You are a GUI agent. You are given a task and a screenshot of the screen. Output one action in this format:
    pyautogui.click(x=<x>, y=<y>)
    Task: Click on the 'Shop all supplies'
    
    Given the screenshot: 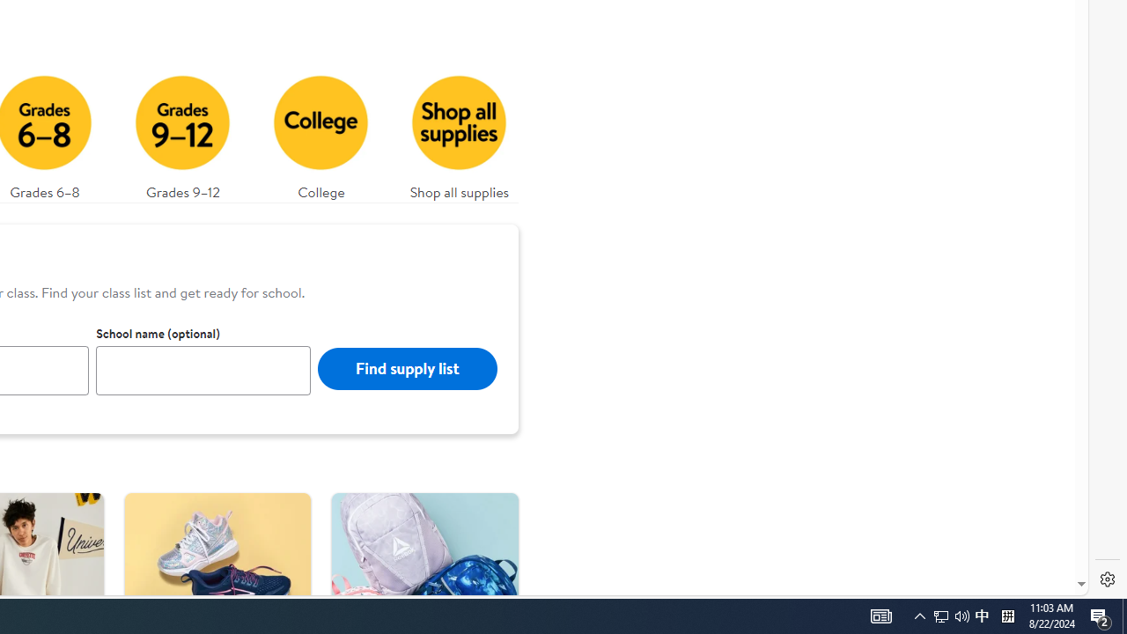 What is the action you would take?
    pyautogui.click(x=460, y=132)
    